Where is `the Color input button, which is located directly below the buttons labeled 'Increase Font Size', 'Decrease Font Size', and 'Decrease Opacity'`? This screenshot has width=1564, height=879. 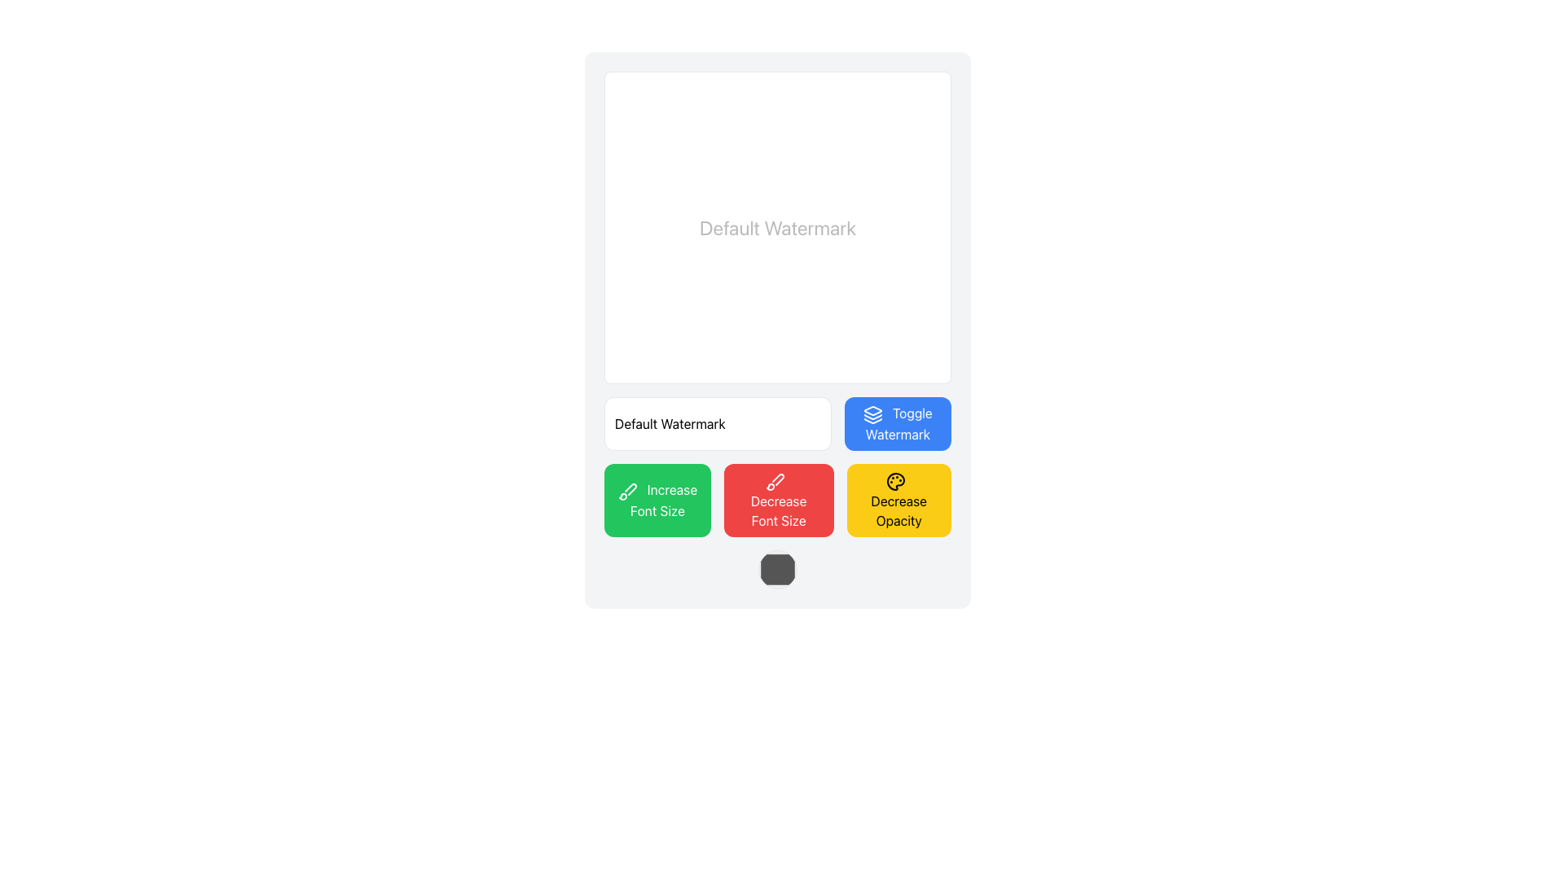
the Color input button, which is located directly below the buttons labeled 'Increase Font Size', 'Decrease Font Size', and 'Decrease Opacity' is located at coordinates (777, 567).